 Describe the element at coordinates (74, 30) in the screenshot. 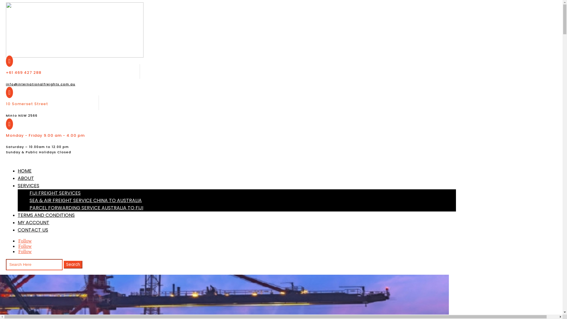

I see `'IFL-Logo'` at that location.